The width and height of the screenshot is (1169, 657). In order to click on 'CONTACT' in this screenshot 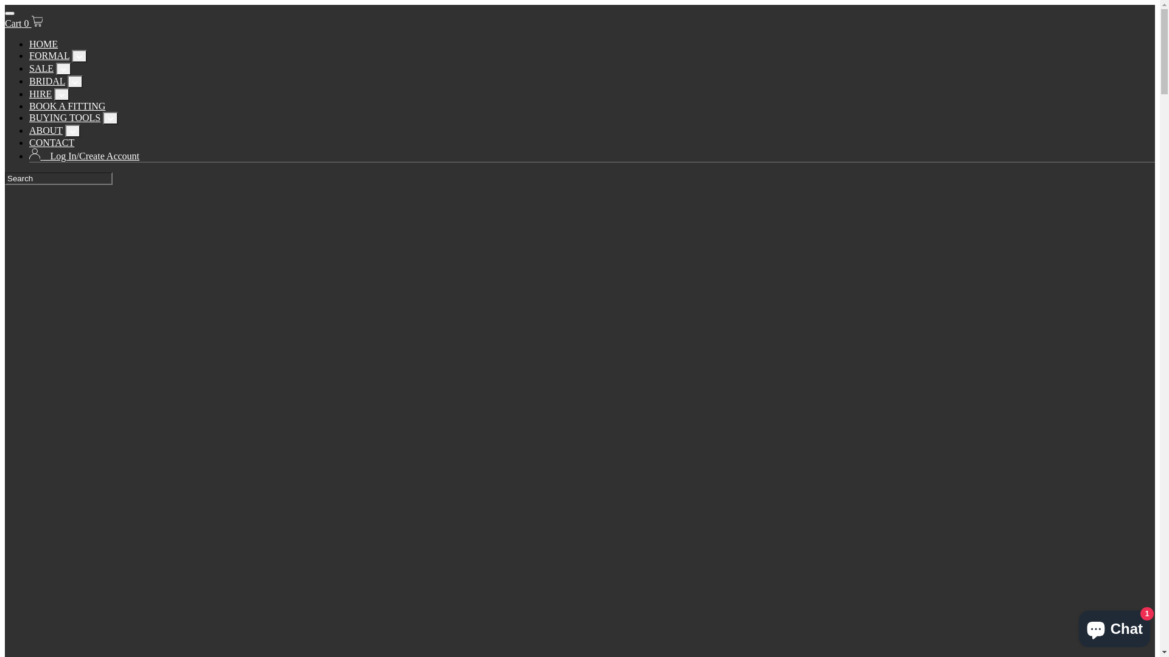, I will do `click(51, 142)`.